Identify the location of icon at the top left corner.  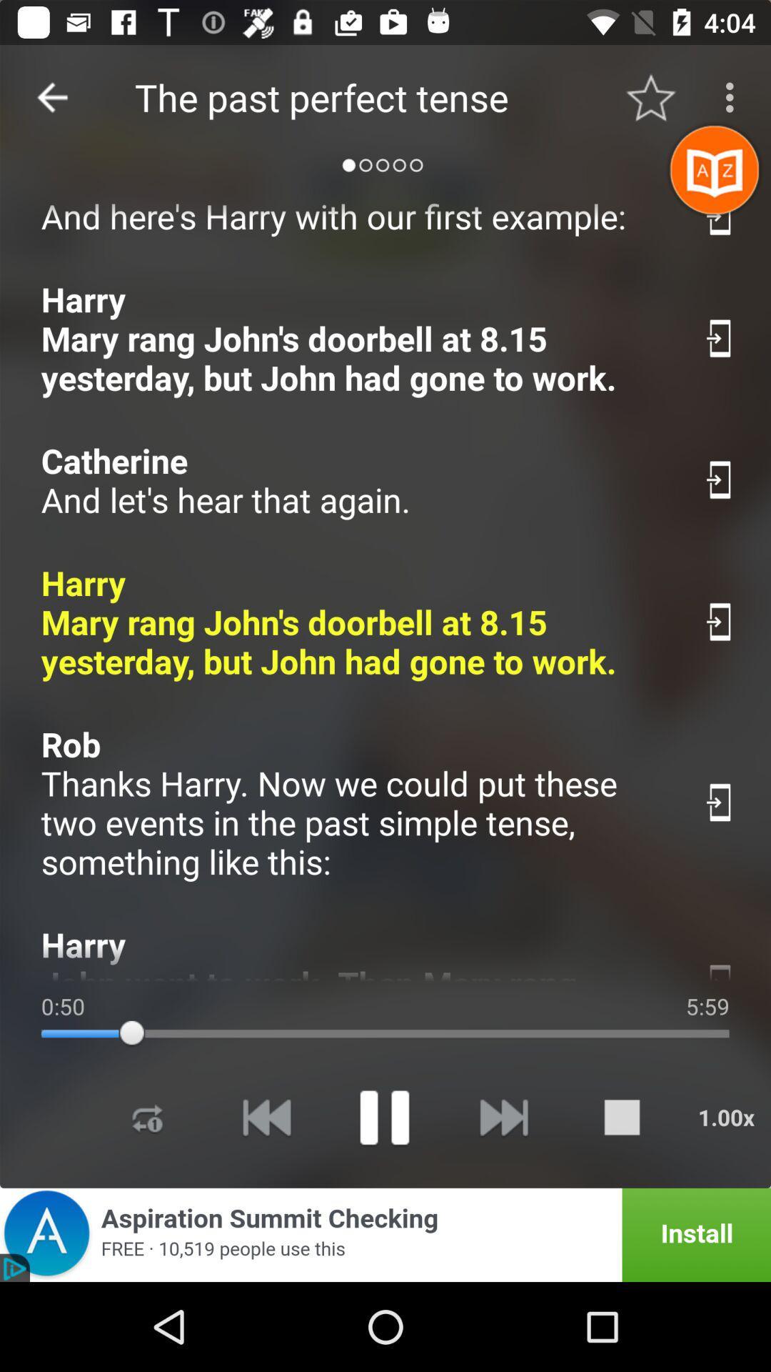
(51, 96).